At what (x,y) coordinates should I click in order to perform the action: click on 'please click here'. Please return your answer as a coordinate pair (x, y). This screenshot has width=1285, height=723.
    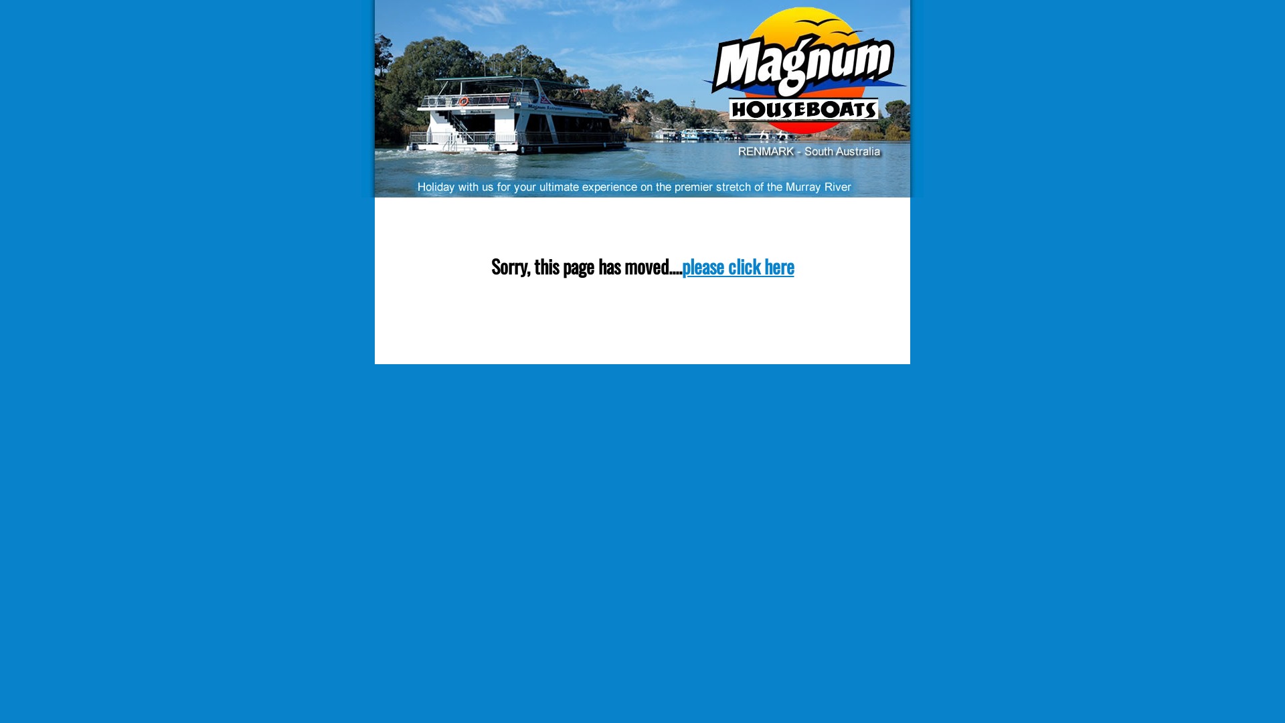
    Looking at the image, I should click on (737, 266).